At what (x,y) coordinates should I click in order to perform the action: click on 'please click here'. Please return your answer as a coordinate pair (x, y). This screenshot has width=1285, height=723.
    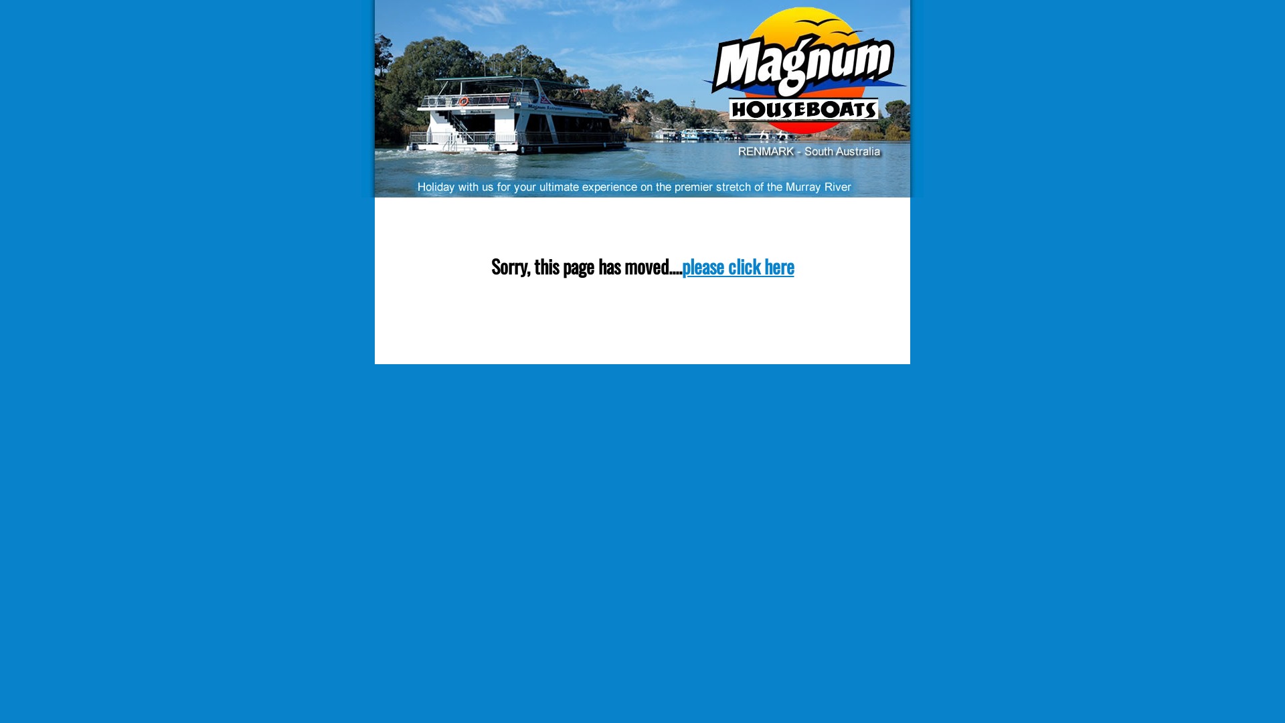
    Looking at the image, I should click on (737, 266).